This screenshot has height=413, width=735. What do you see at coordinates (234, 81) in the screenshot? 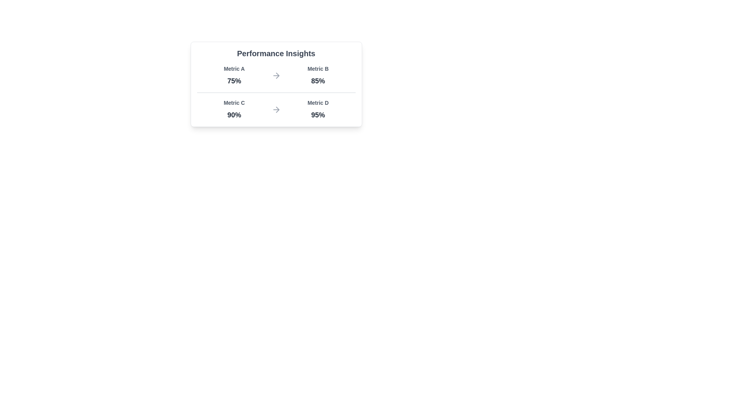
I see `the text label representing 'Metric A'` at bounding box center [234, 81].